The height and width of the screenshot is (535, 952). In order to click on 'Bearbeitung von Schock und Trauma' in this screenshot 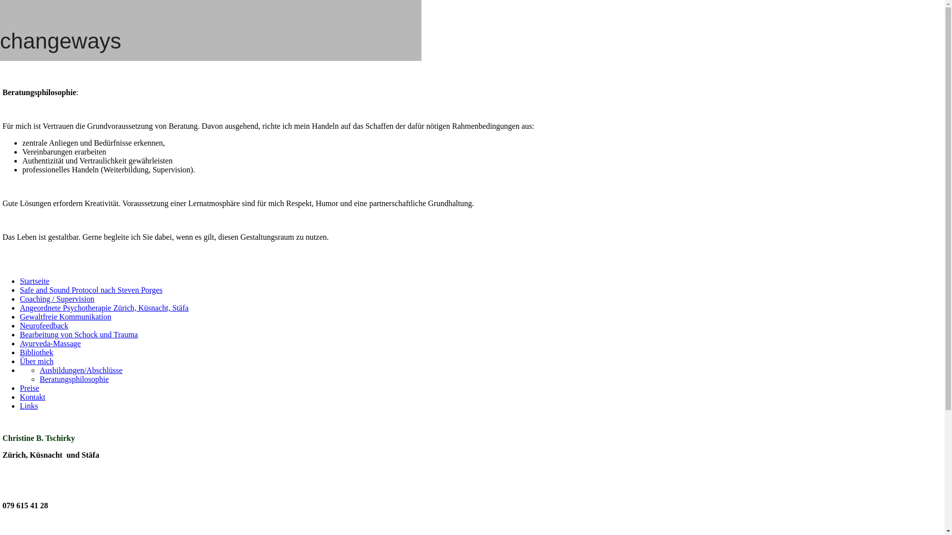, I will do `click(78, 334)`.